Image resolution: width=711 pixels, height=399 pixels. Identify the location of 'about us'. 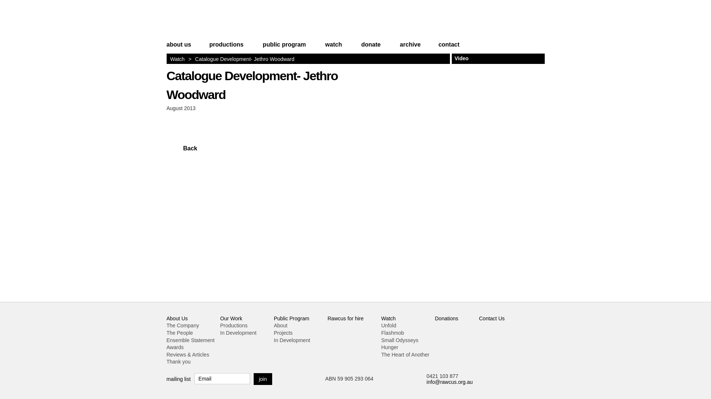
(183, 48).